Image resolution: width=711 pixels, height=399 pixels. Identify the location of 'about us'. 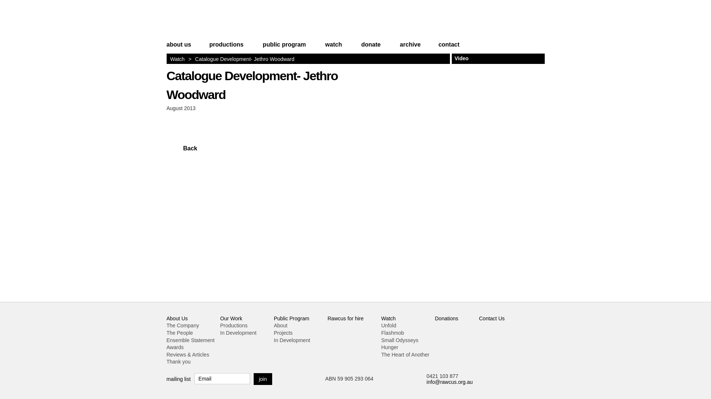
(183, 48).